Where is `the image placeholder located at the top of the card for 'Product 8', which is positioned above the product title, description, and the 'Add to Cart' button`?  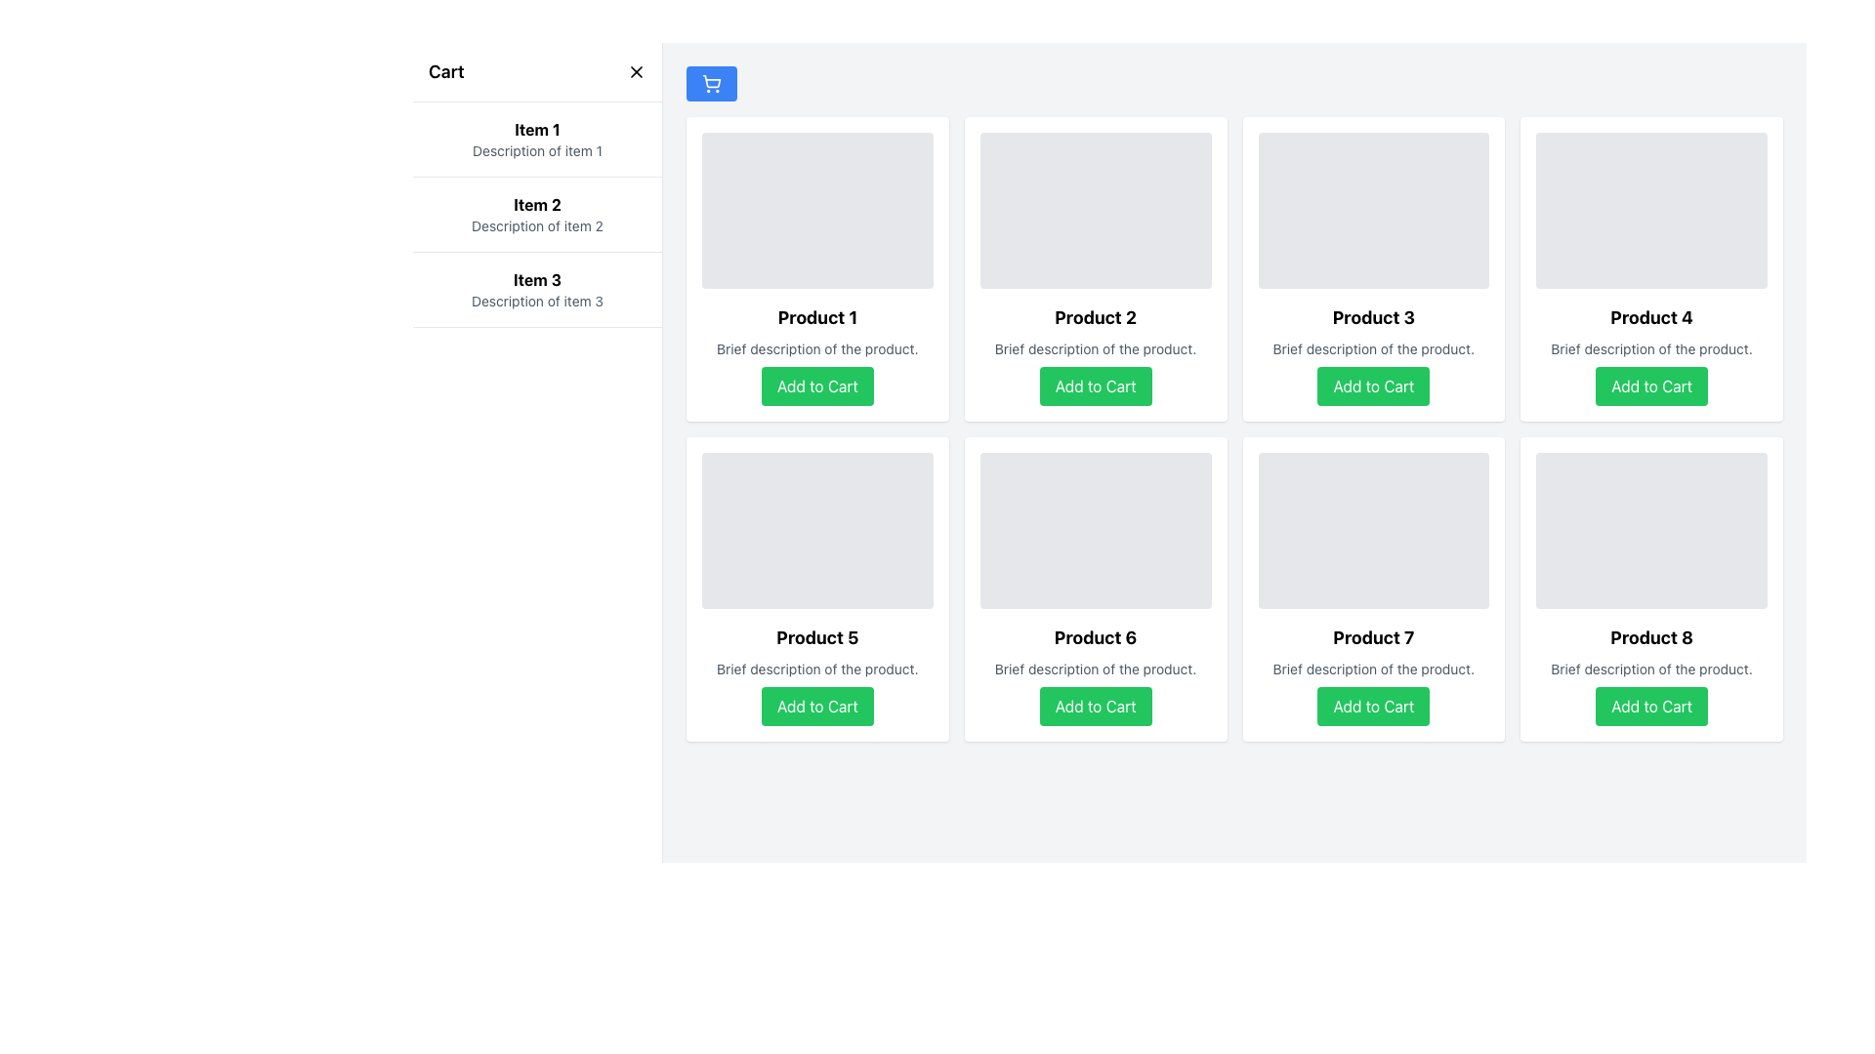 the image placeholder located at the top of the card for 'Product 8', which is positioned above the product title, description, and the 'Add to Cart' button is located at coordinates (1650, 530).